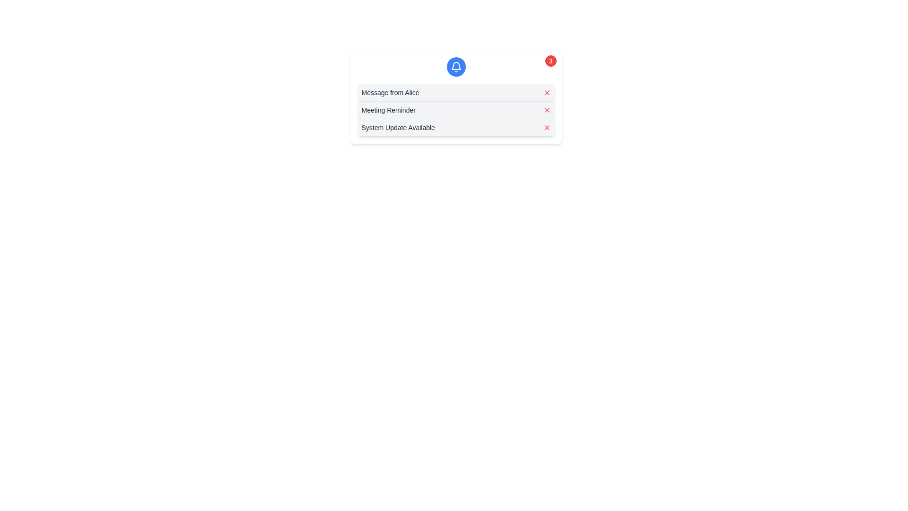  Describe the element at coordinates (547, 127) in the screenshot. I see `the red 'X' close button on the right side of the 'System Update Available' notification` at that location.